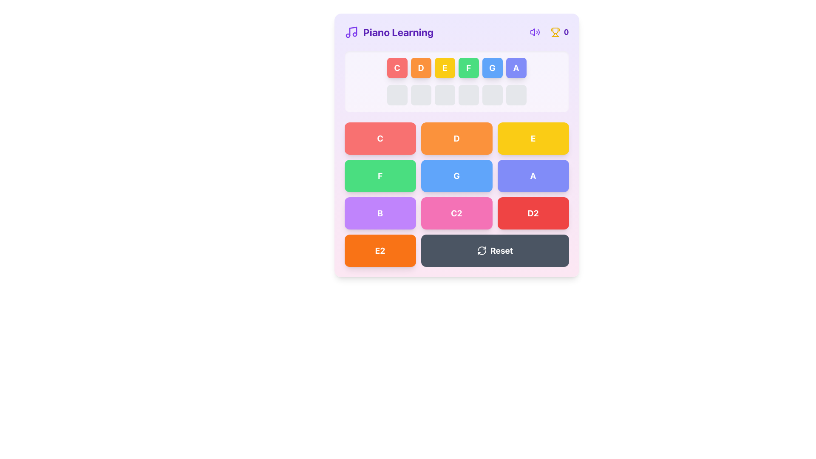 The height and width of the screenshot is (459, 816). Describe the element at coordinates (555, 32) in the screenshot. I see `the trophy icon, which is a gold-colored icon located at the top-right corner of the interface, adjacent to a purple text displaying '0'` at that location.